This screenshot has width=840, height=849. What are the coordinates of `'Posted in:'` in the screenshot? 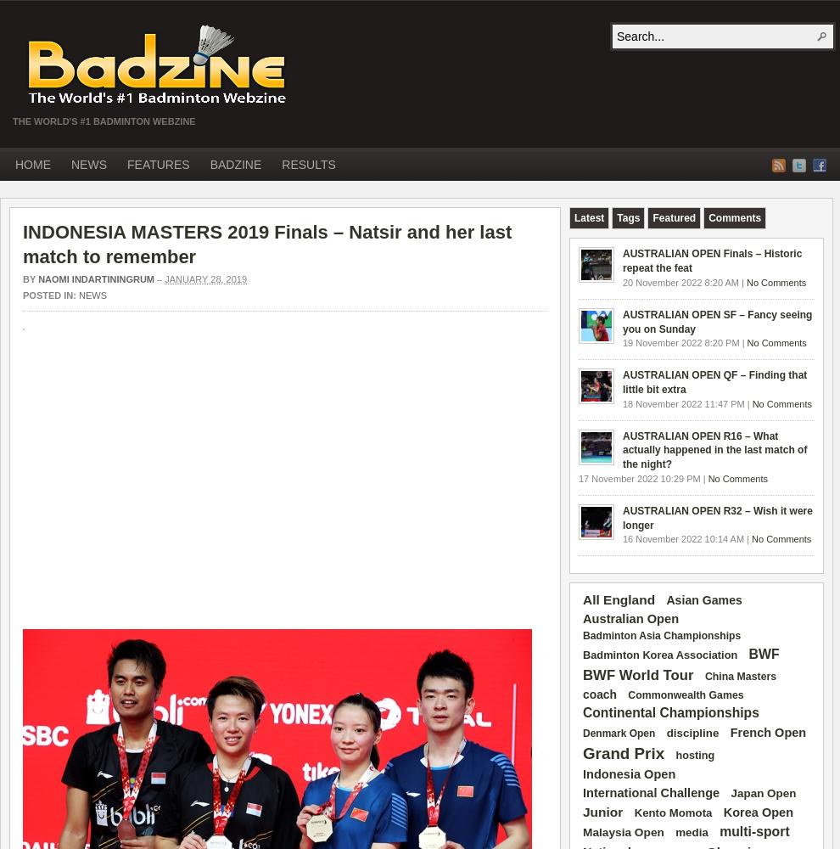 It's located at (50, 294).